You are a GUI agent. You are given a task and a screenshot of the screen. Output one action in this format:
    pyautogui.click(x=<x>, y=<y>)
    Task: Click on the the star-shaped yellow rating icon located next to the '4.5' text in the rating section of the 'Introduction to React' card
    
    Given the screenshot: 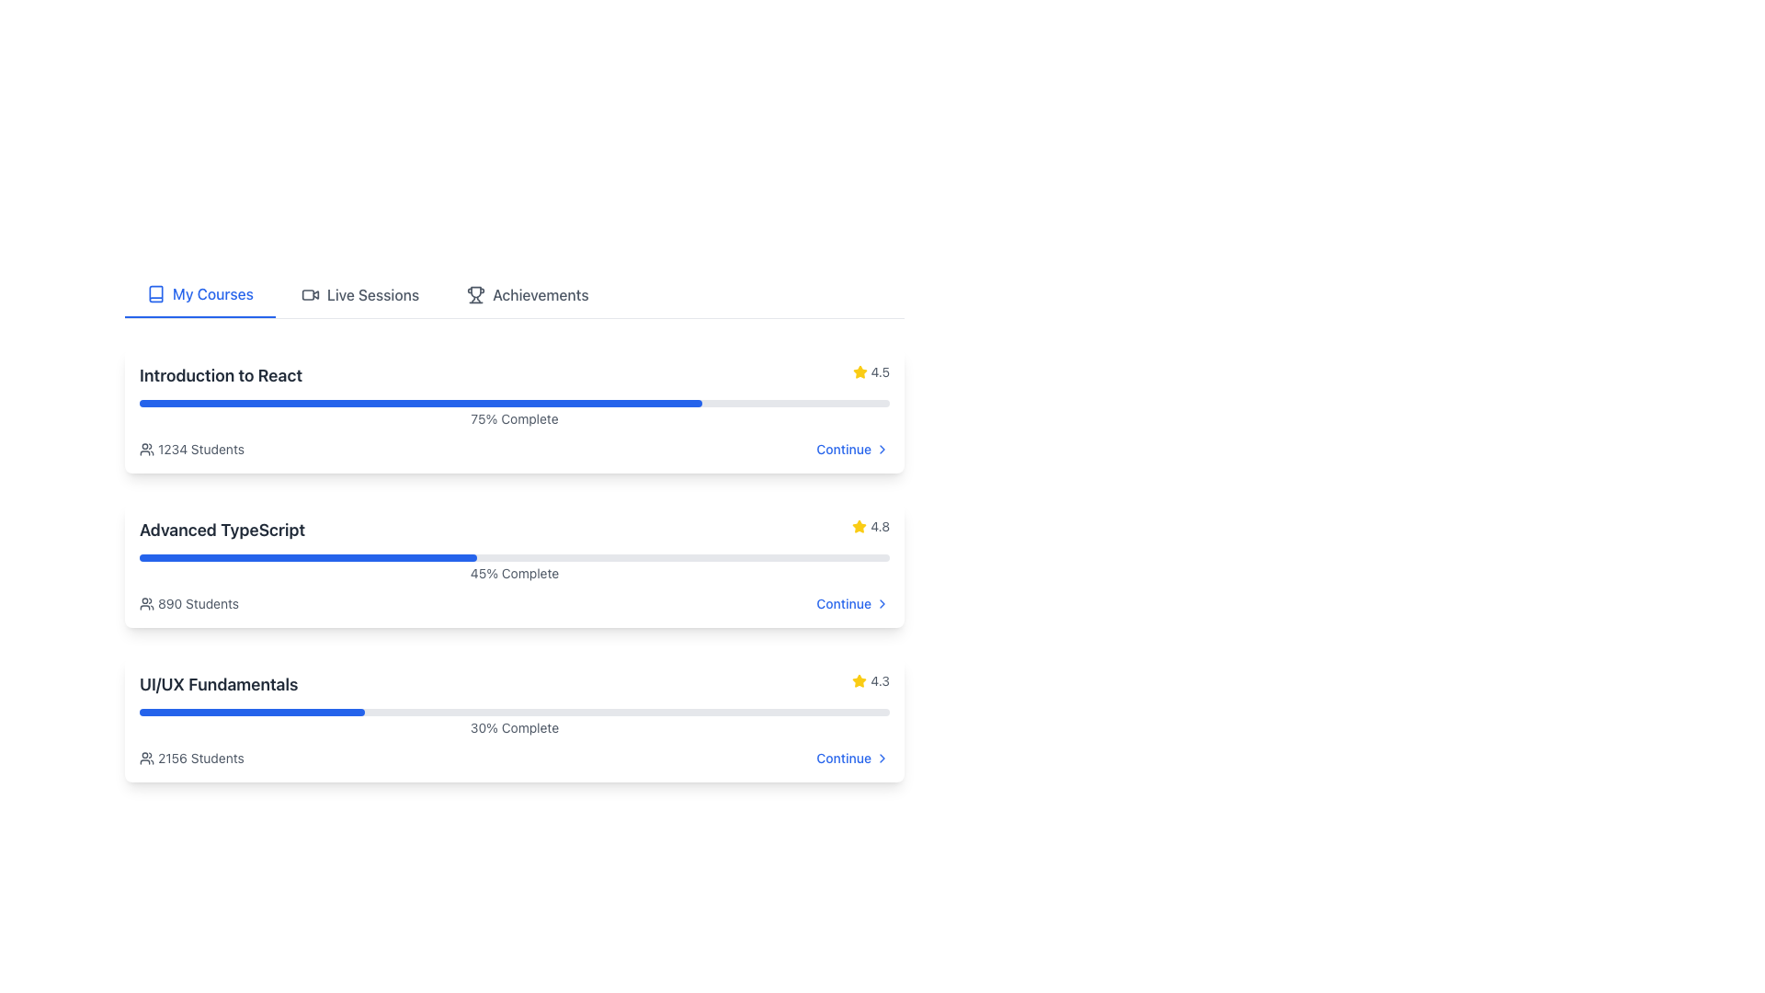 What is the action you would take?
    pyautogui.click(x=859, y=372)
    